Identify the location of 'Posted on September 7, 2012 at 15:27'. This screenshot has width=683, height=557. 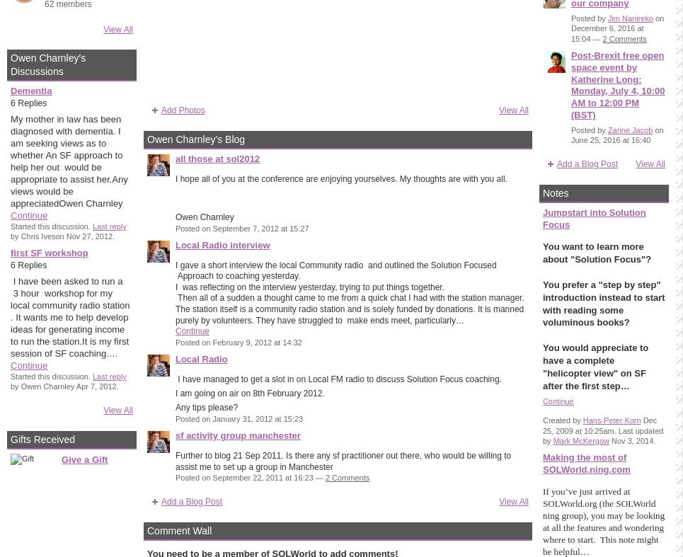
(241, 226).